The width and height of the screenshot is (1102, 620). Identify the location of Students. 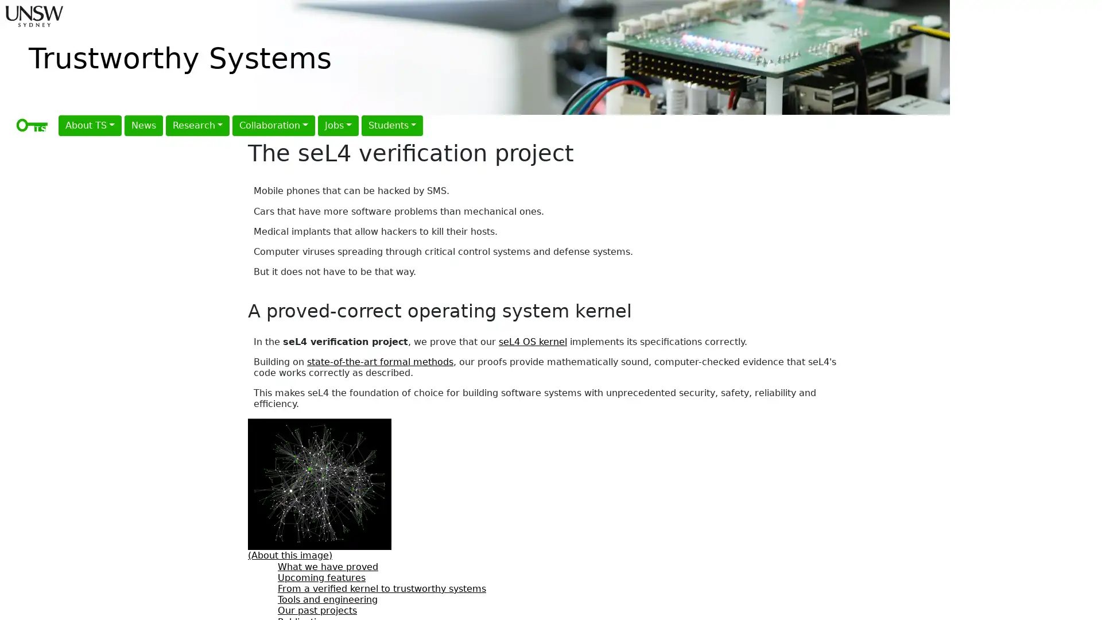
(391, 125).